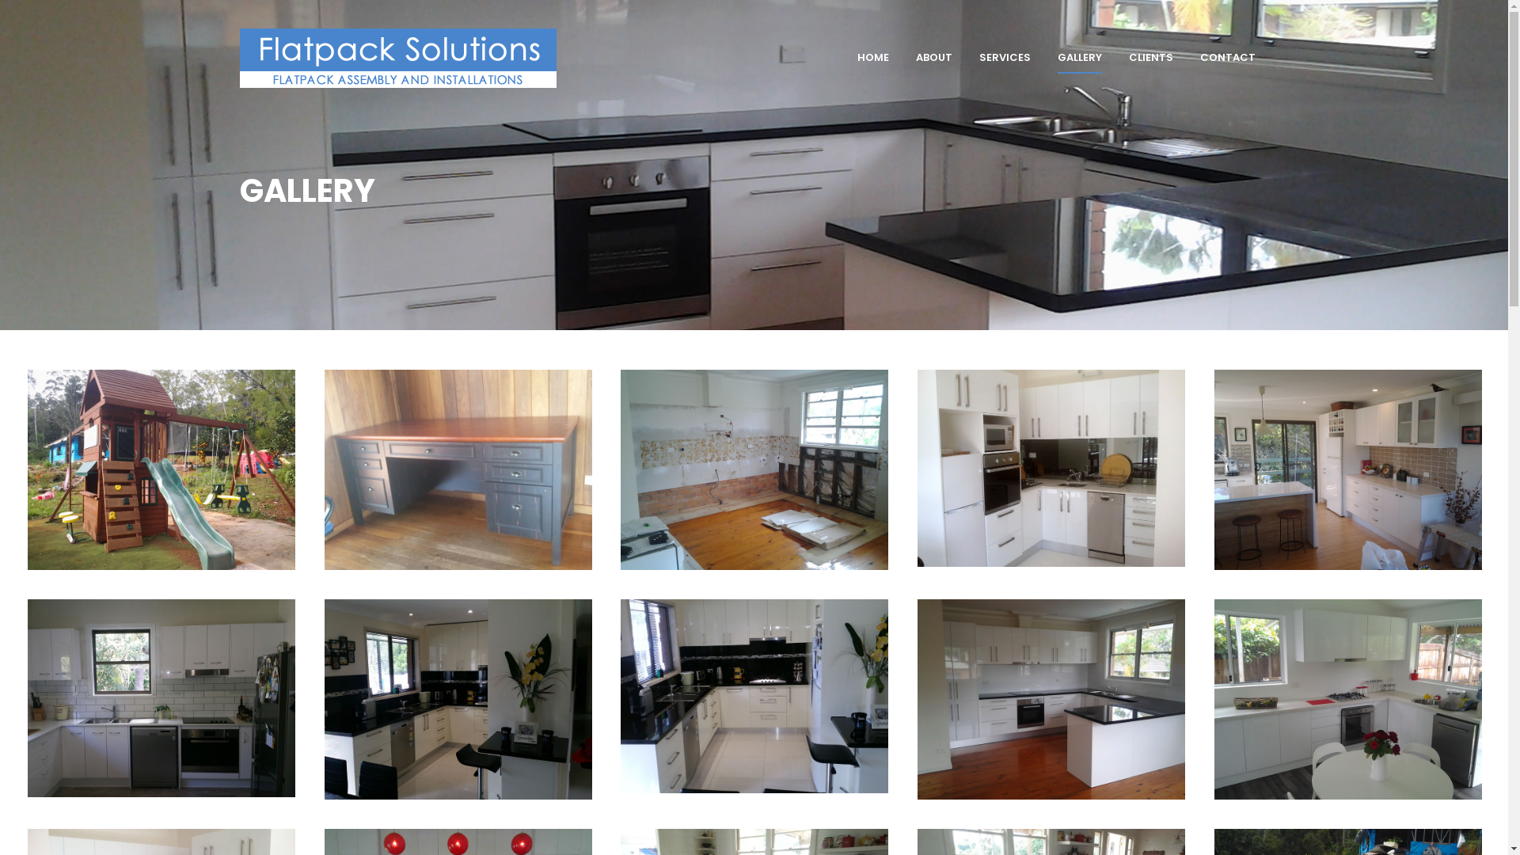  Describe the element at coordinates (872, 57) in the screenshot. I see `'HOME'` at that location.